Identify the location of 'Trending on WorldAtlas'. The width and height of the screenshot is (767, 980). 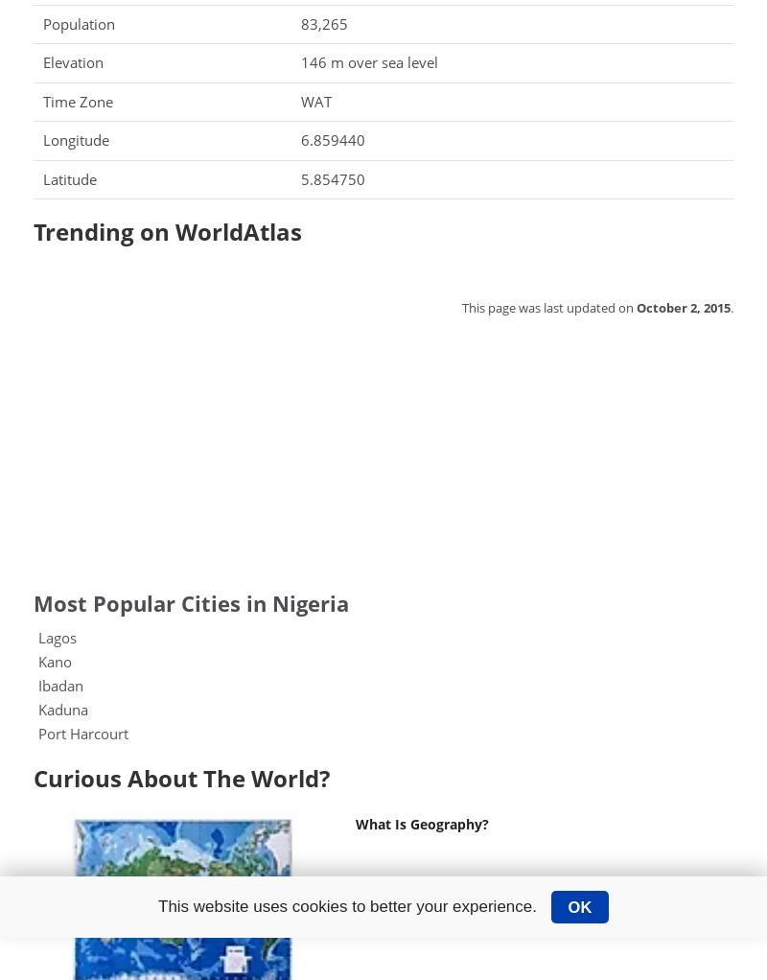
(32, 229).